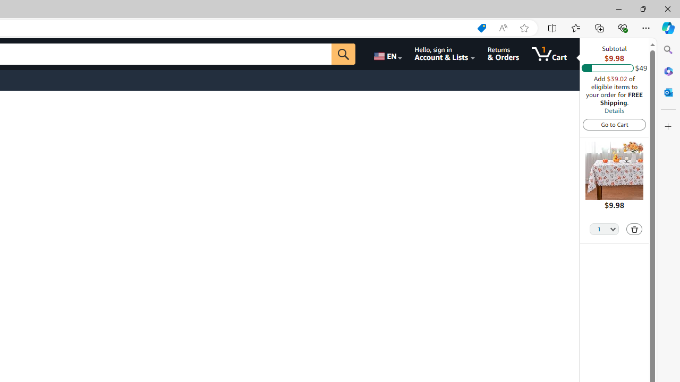 Image resolution: width=680 pixels, height=382 pixels. Describe the element at coordinates (604, 228) in the screenshot. I see `'Quantity Selector'` at that location.